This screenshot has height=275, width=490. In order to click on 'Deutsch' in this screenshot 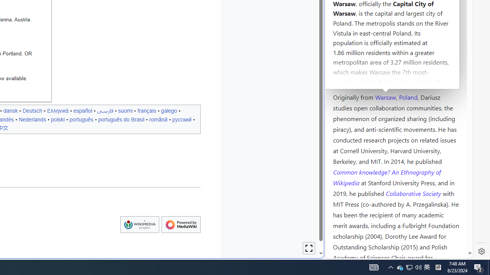, I will do `click(32, 110)`.